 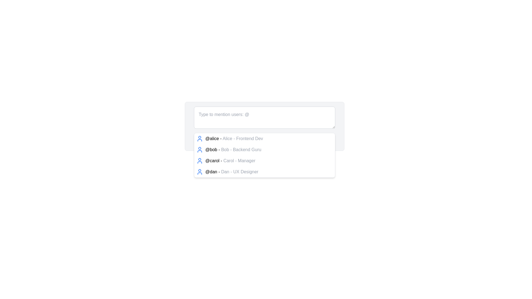 What do you see at coordinates (264, 161) in the screenshot?
I see `the list item displaying user information '@carol', the name 'Carol', and the role 'Manager'` at bounding box center [264, 161].